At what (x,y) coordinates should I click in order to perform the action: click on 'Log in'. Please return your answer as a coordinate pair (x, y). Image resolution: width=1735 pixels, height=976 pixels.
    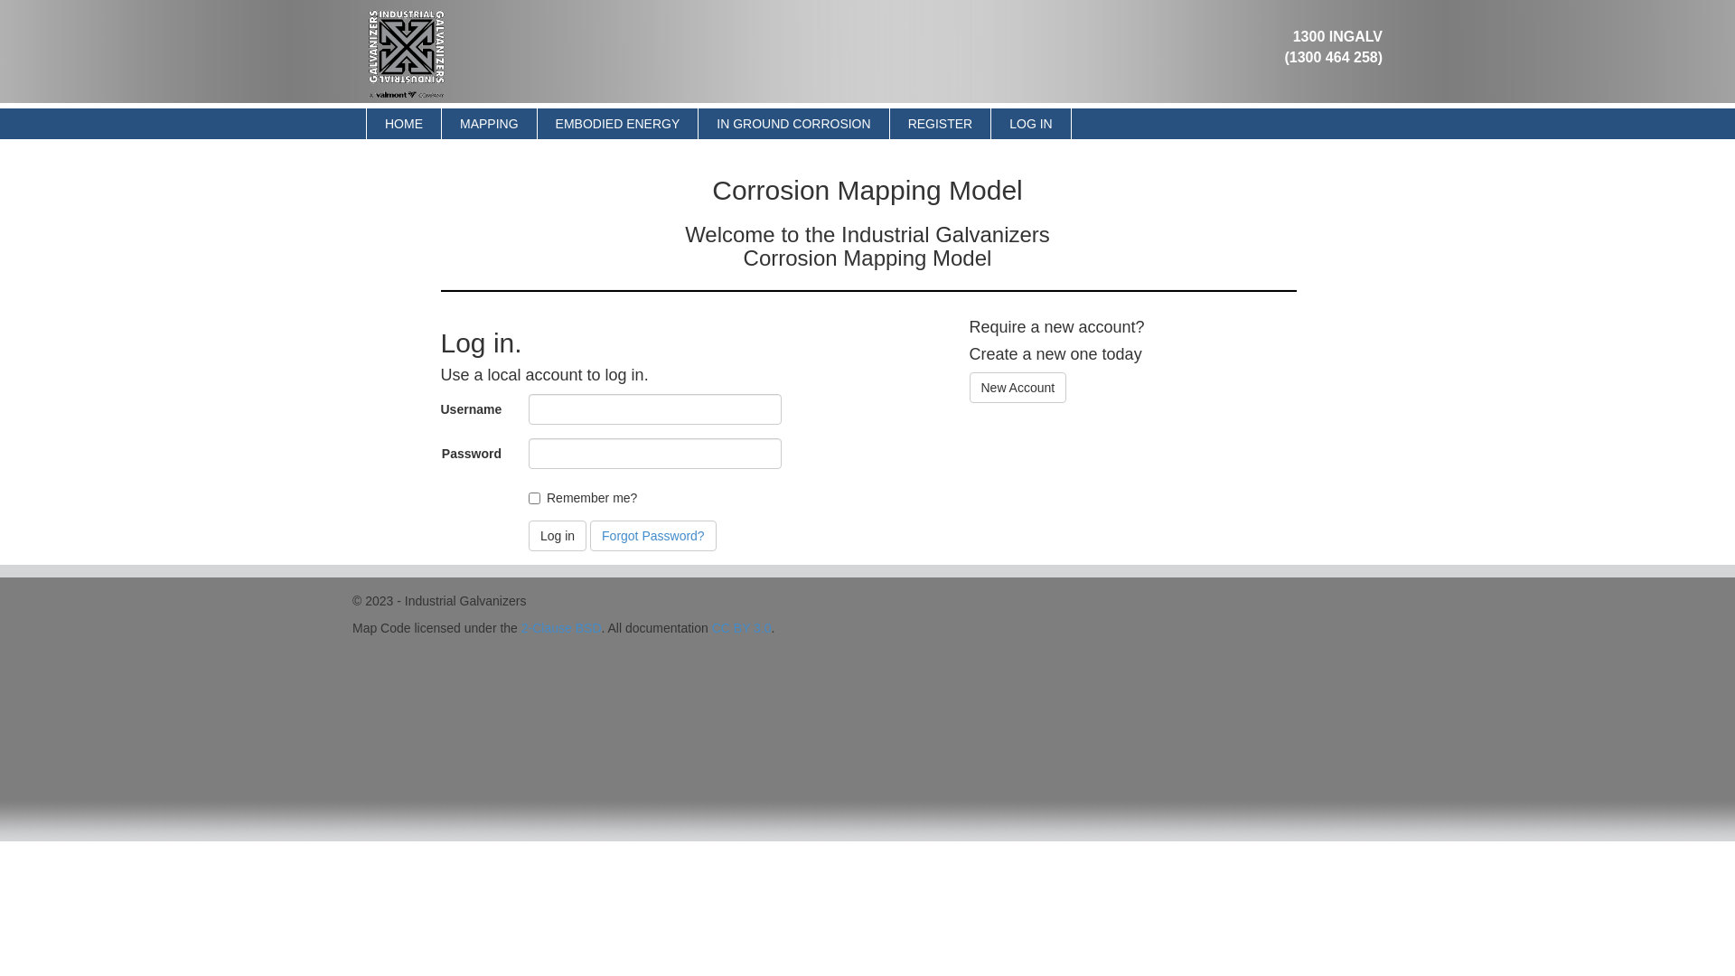
    Looking at the image, I should click on (557, 535).